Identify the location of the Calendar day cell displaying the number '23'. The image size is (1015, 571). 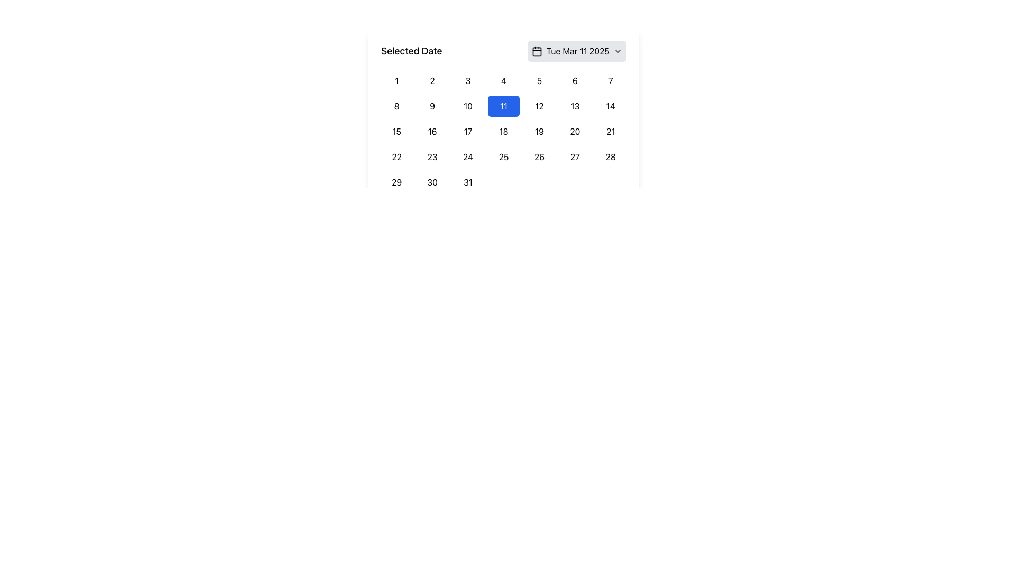
(432, 157).